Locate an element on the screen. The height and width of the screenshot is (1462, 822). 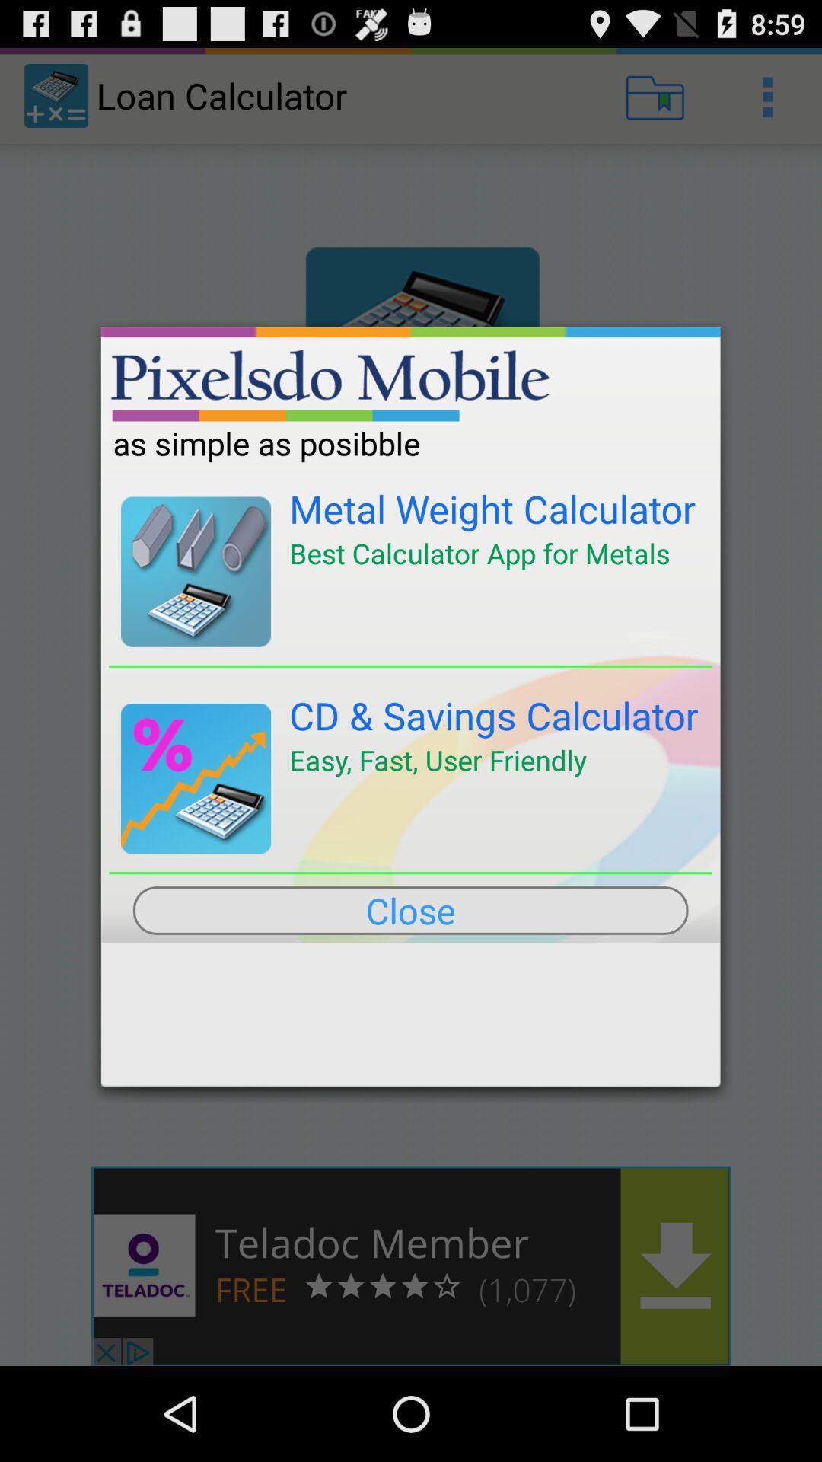
the close is located at coordinates (409, 910).